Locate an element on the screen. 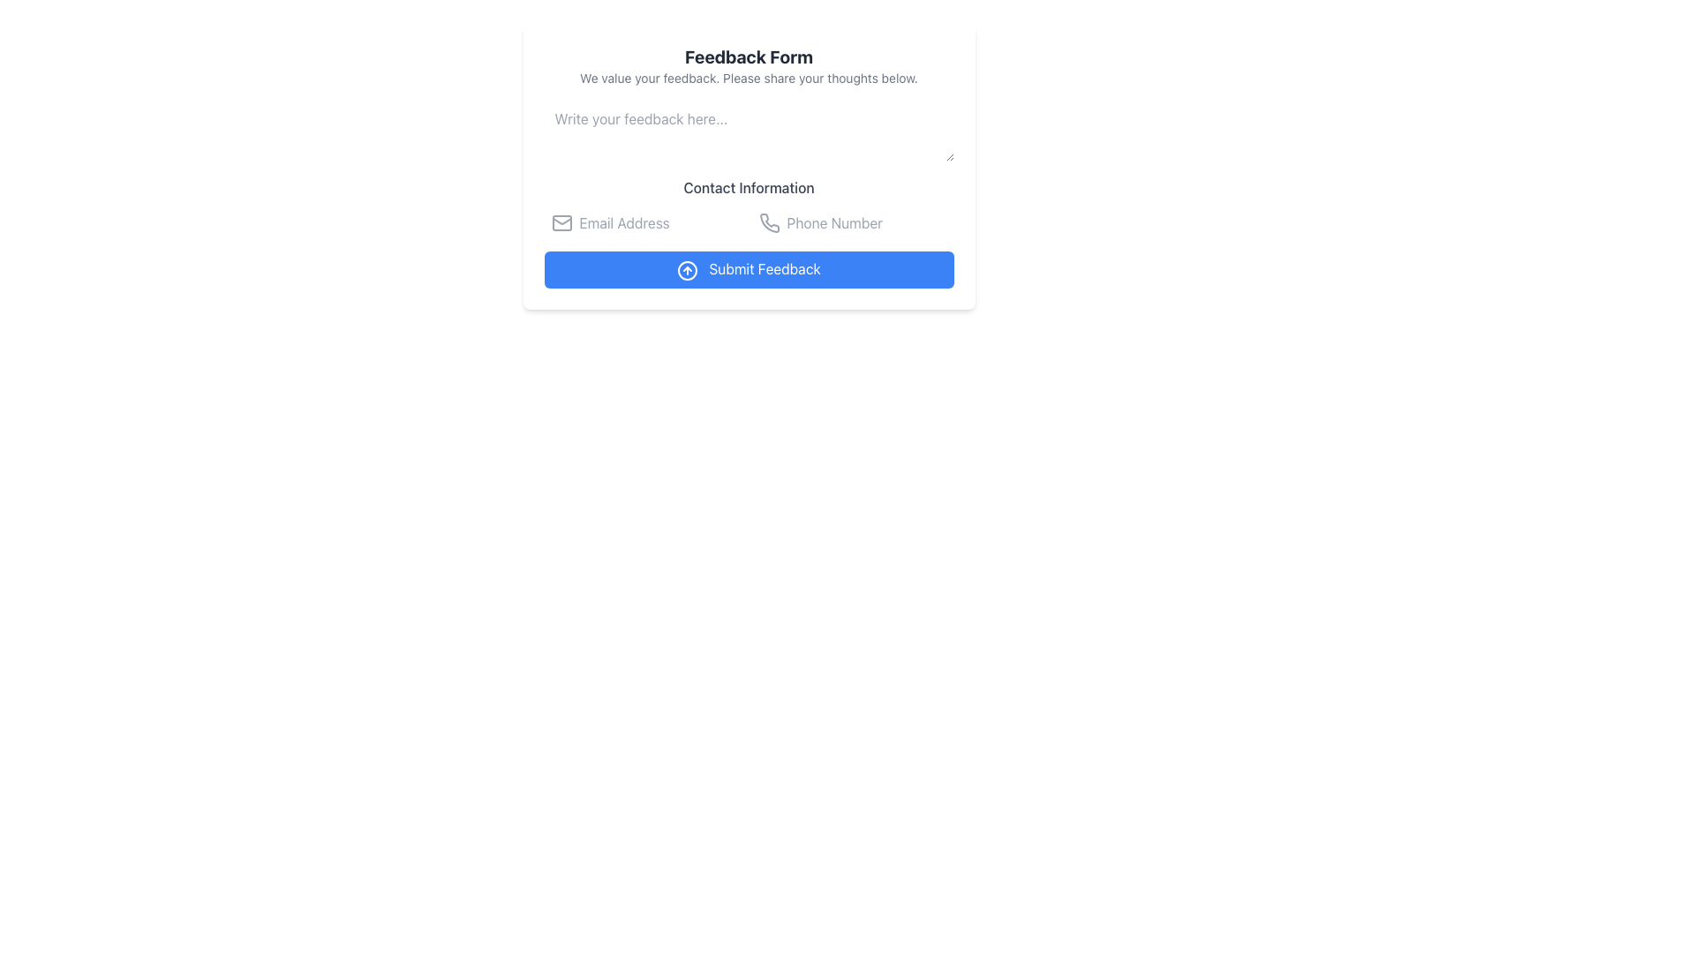 This screenshot has width=1695, height=953. the icon representing the upward submission action on the 'Submit Feedback' button, located to the far left of the button text is located at coordinates (687, 270).